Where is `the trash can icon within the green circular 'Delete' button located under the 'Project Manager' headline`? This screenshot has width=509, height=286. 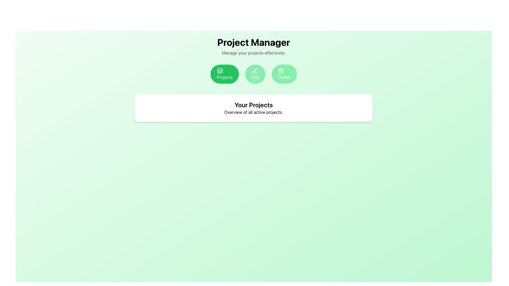
the trash can icon within the green circular 'Delete' button located under the 'Project Manager' headline is located at coordinates (281, 70).